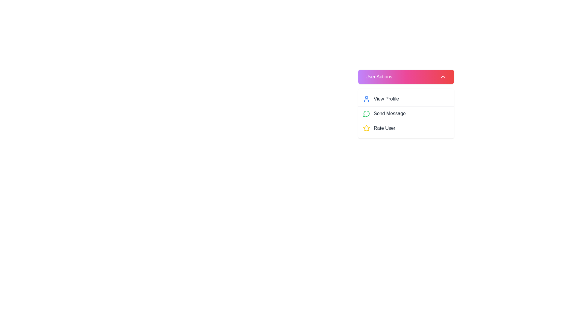 The image size is (575, 323). What do you see at coordinates (385, 128) in the screenshot?
I see `the 'Rate User' text label in the 'User Actions' dropdown menu, which is the last entry below 'View Profile' and 'Send Message', and is aligned with a yellow star icon` at bounding box center [385, 128].